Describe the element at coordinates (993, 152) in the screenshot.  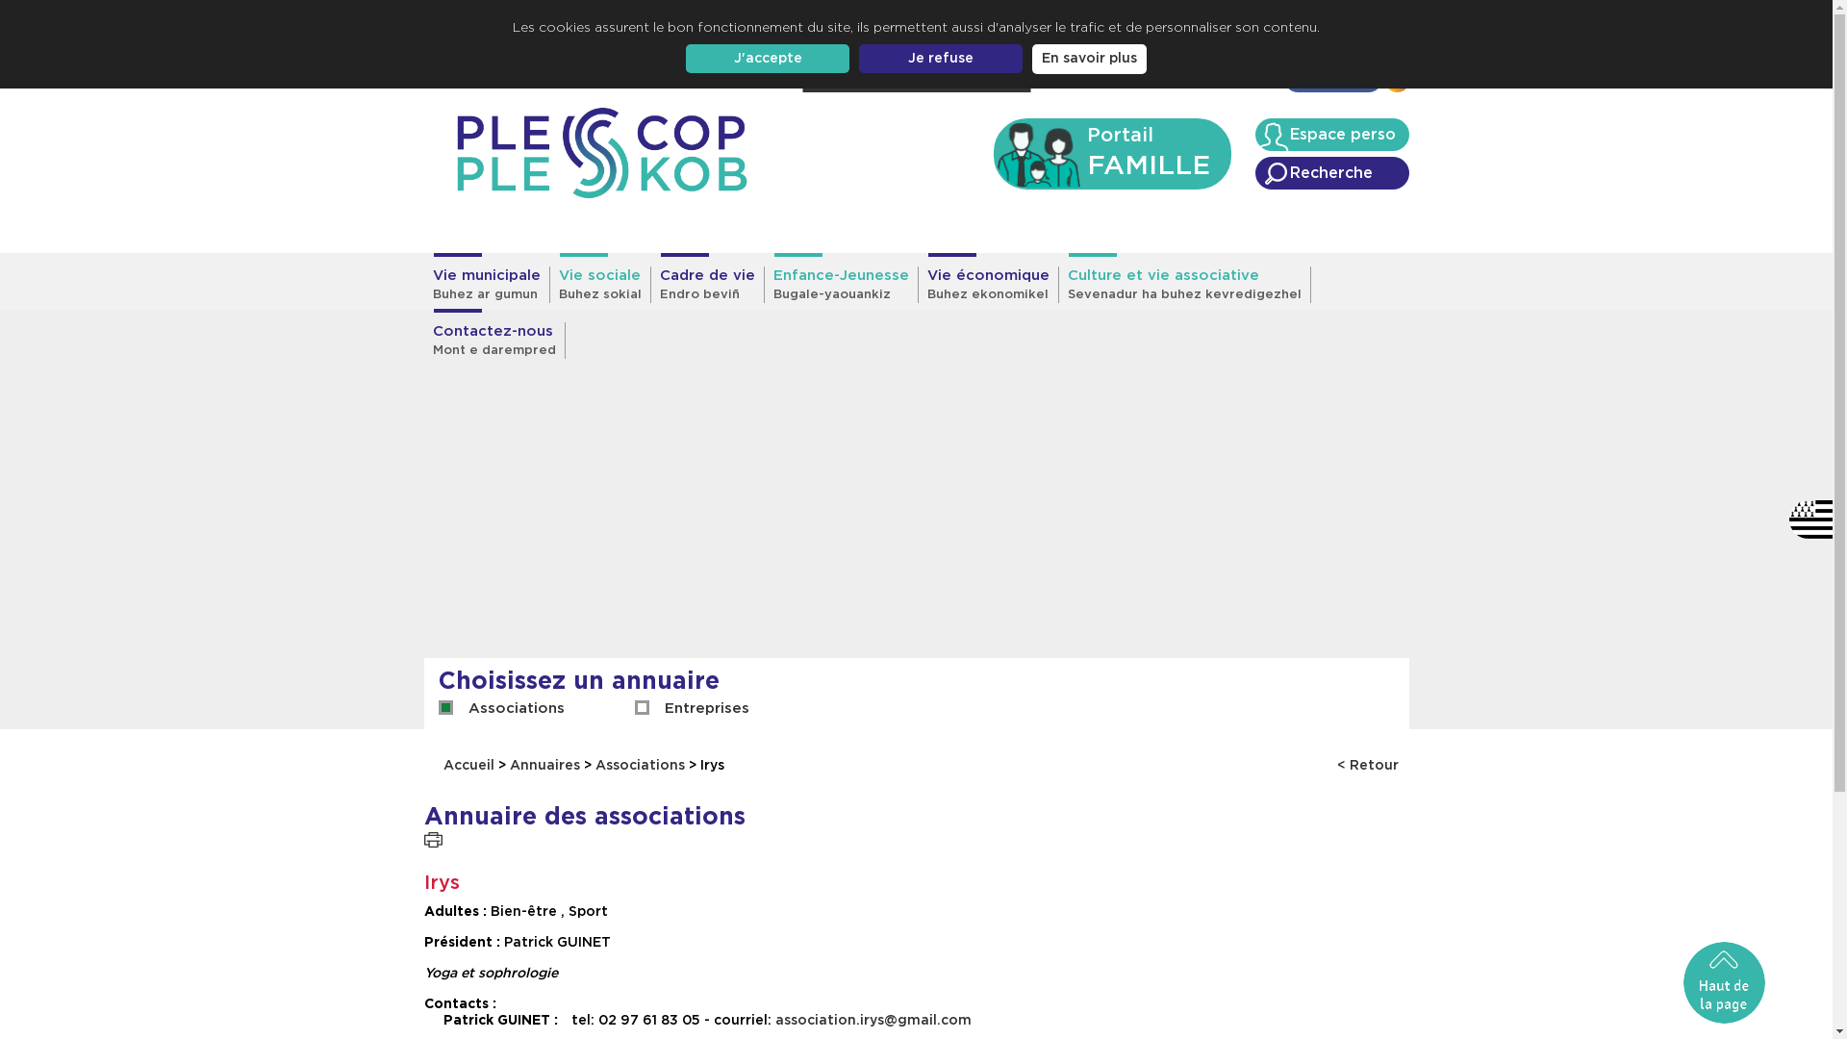
I see `'Portail` at that location.